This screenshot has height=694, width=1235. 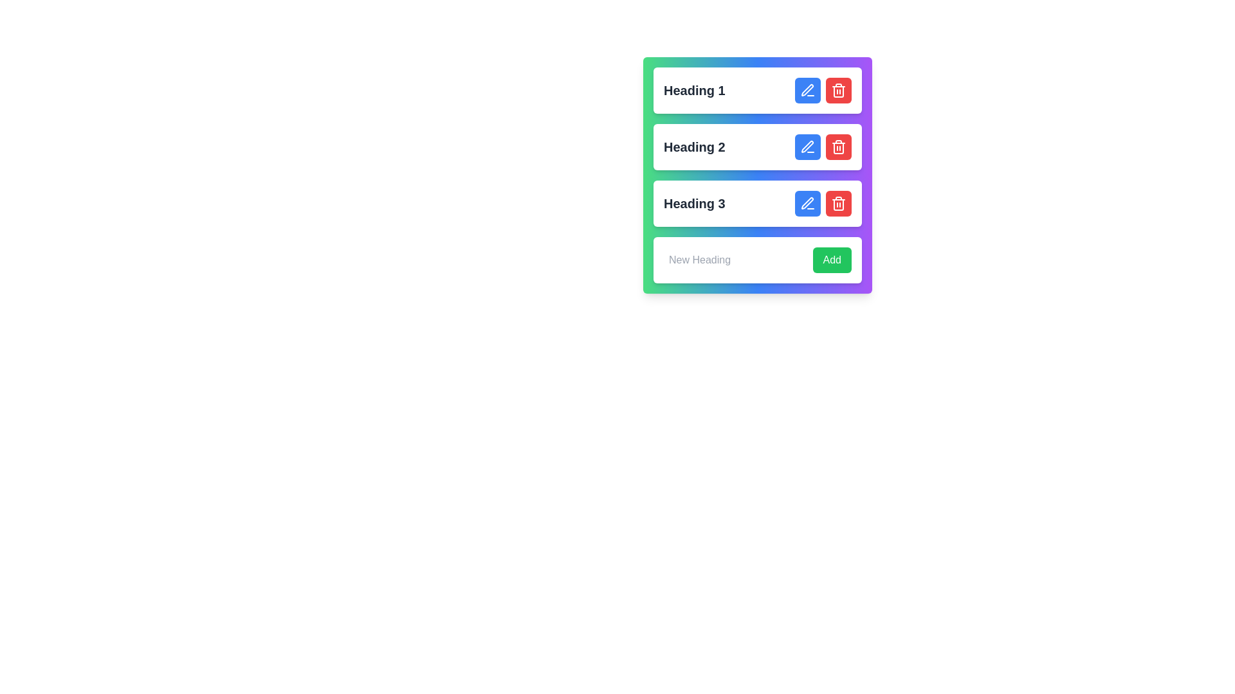 What do you see at coordinates (807, 90) in the screenshot?
I see `the edit button located in the first row of the list, situated to the immediate left of the red trash bin button` at bounding box center [807, 90].